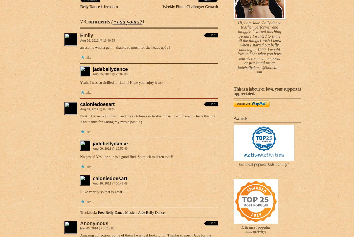  Describe the element at coordinates (240, 118) in the screenshot. I see `'Awards'` at that location.